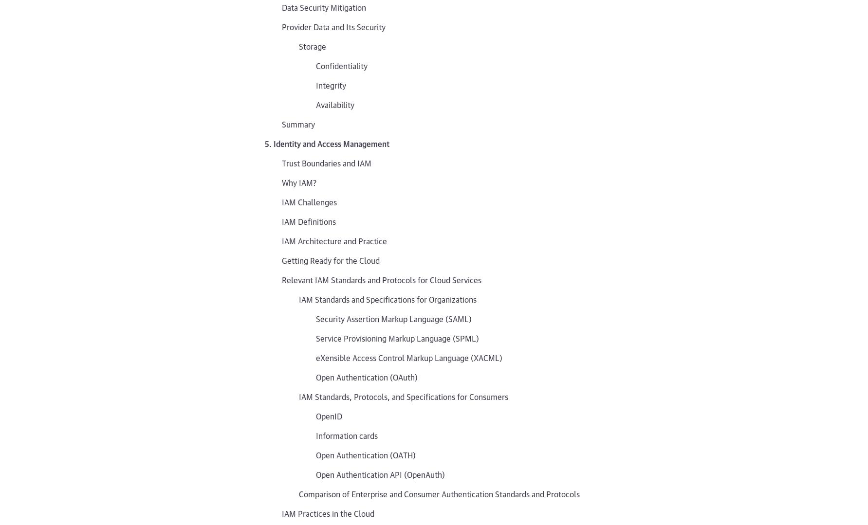 The image size is (868, 525). Describe the element at coordinates (334, 239) in the screenshot. I see `'IAM Architecture and Practice'` at that location.